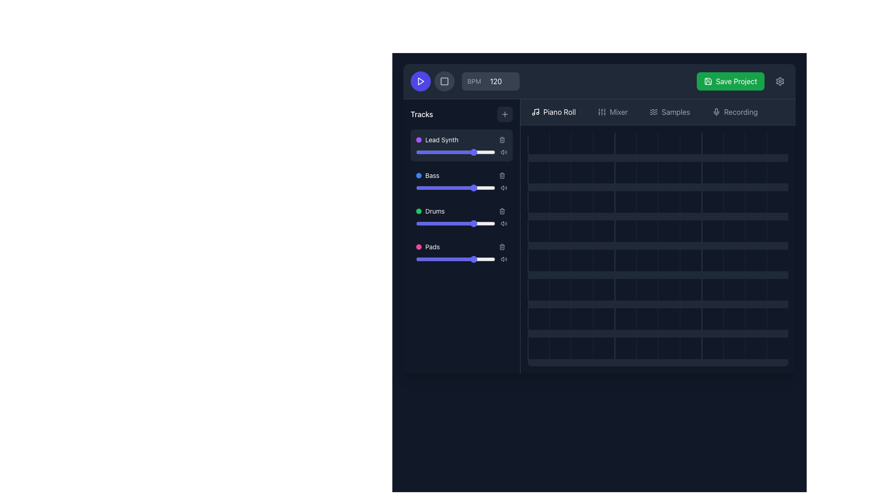  What do you see at coordinates (420, 81) in the screenshot?
I see `the play button icon located in the top-left corner of the application interface` at bounding box center [420, 81].